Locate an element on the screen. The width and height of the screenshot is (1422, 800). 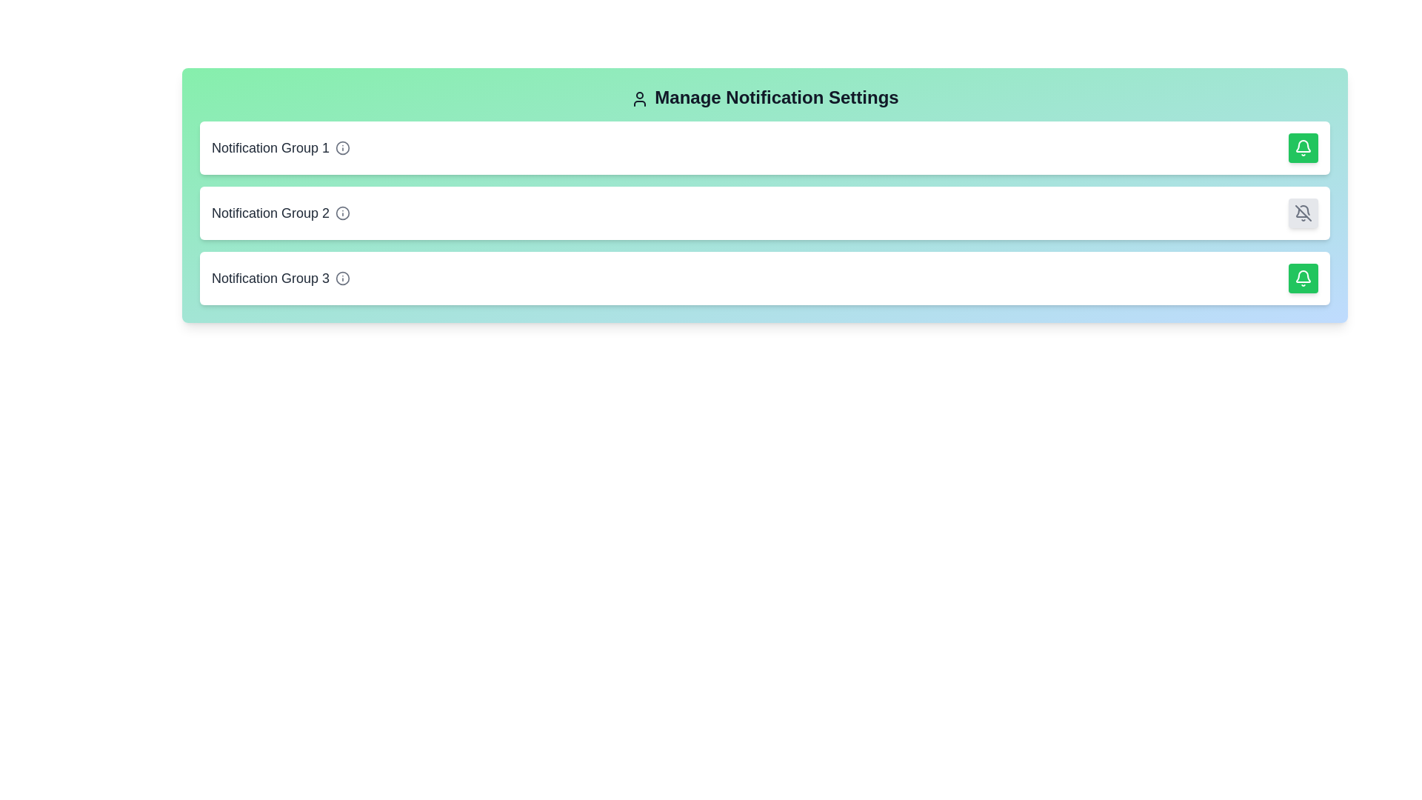
the information icon for Notification Group 1 is located at coordinates (342, 148).